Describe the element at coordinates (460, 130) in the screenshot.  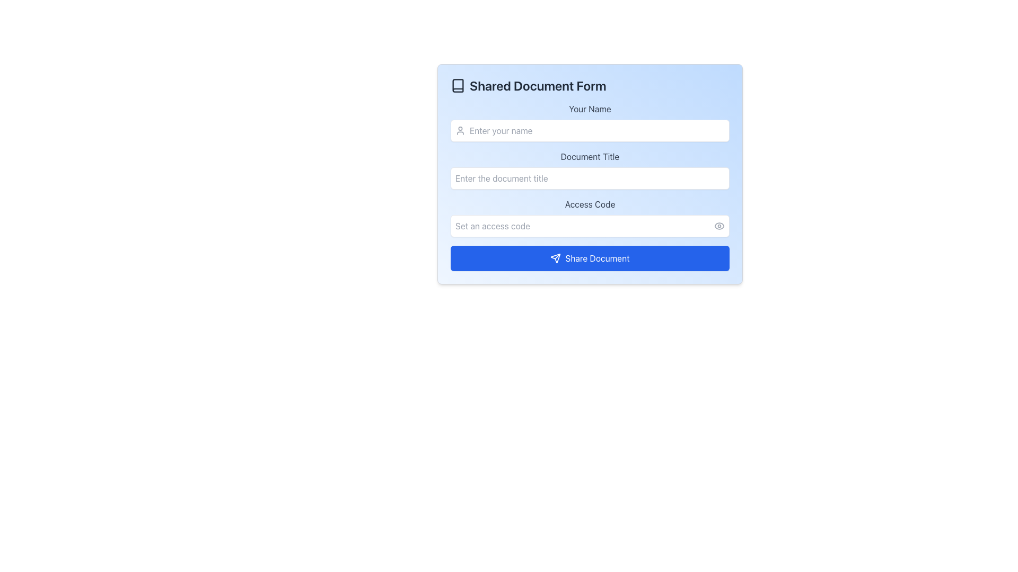
I see `the small, gray-colored Decorative icon that represents a user image placeholder, located to the left of the 'Enter your name' text field` at that location.